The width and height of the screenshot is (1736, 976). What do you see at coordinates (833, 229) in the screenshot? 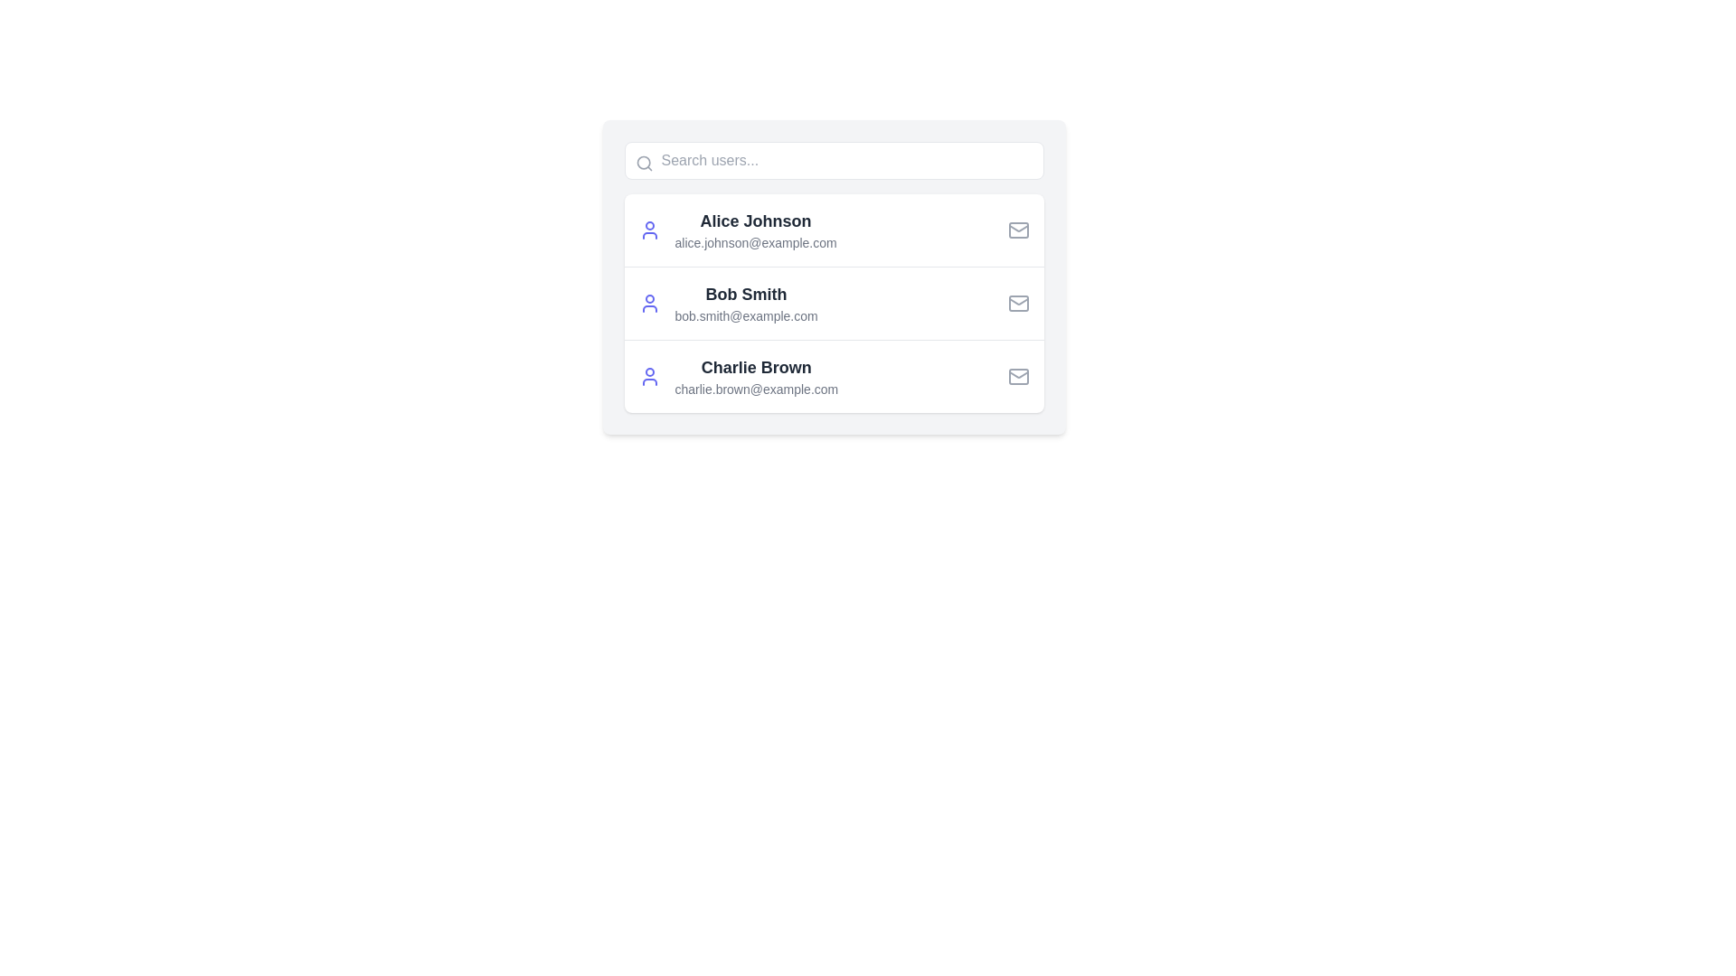
I see `the first entry in the contact list, which is located beneath the 'Search users...' bar` at bounding box center [833, 229].